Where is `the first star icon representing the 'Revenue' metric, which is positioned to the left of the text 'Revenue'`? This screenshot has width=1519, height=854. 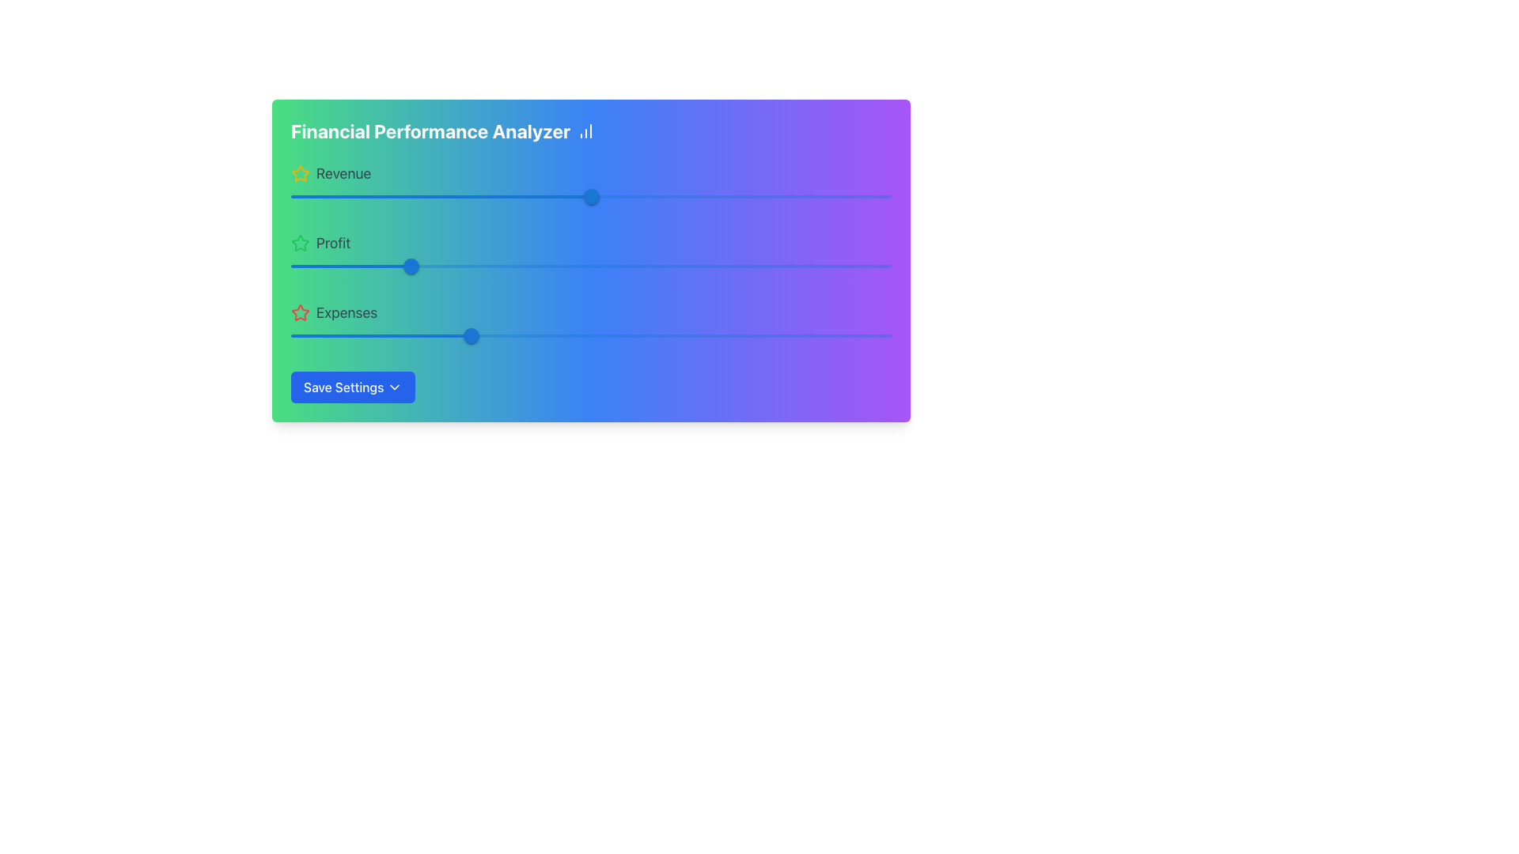 the first star icon representing the 'Revenue' metric, which is positioned to the left of the text 'Revenue' is located at coordinates (300, 173).